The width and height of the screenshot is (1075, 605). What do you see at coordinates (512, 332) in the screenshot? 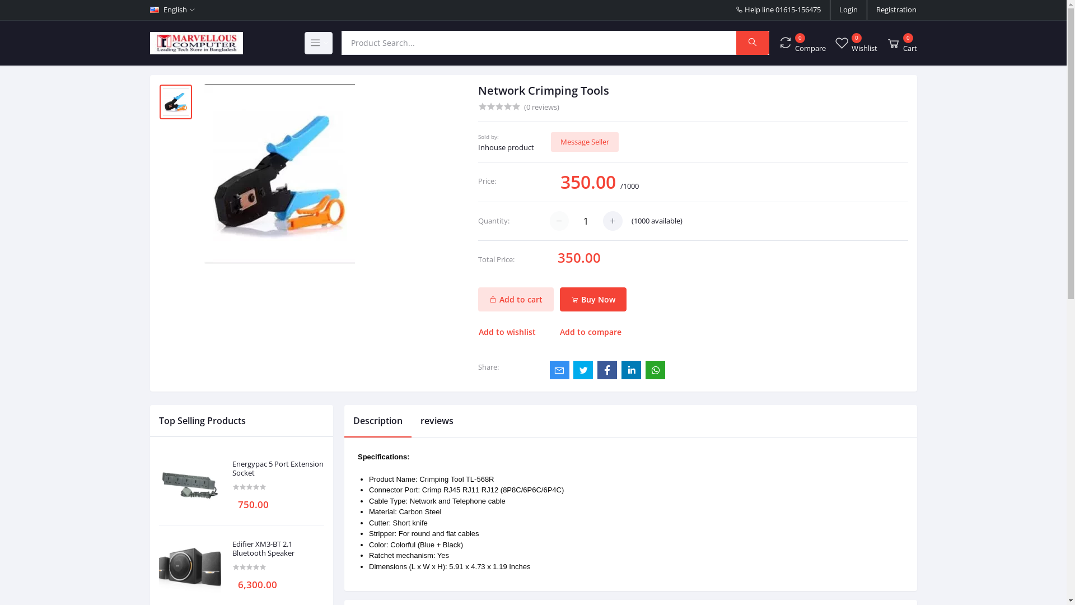
I see `'Add to wishlist'` at bounding box center [512, 332].